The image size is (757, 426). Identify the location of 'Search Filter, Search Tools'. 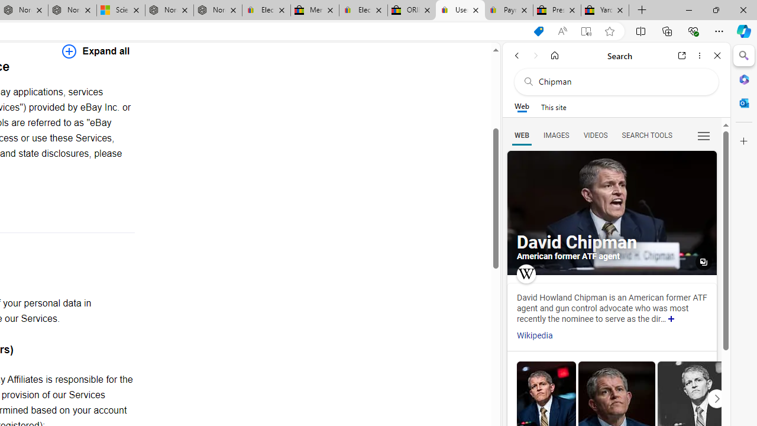
(646, 134).